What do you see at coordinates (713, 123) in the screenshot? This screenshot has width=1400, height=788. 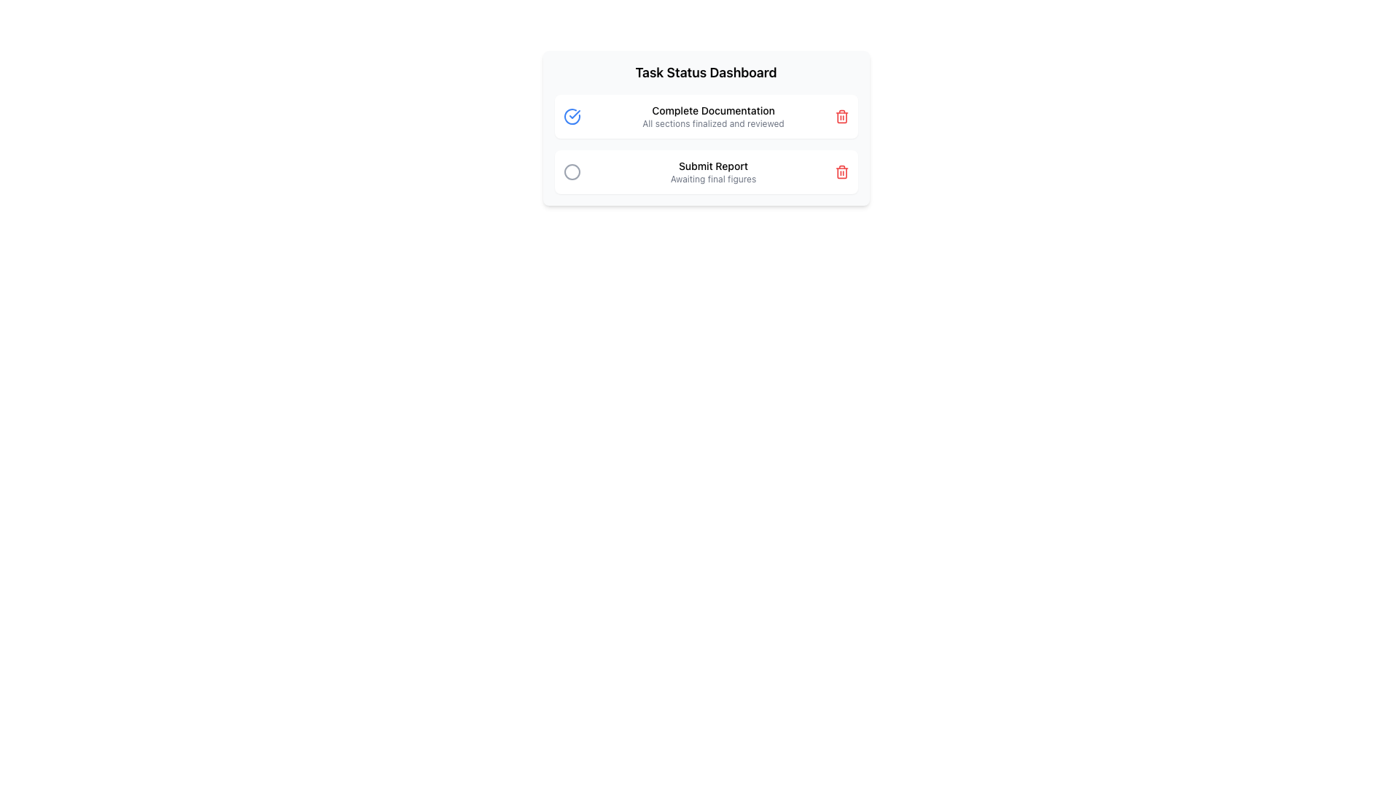 I see `the static text that says 'All sections finalized and reviewed', which is styled with a small font size and grey color, positioned directly below the 'Complete Documentation' title` at bounding box center [713, 123].